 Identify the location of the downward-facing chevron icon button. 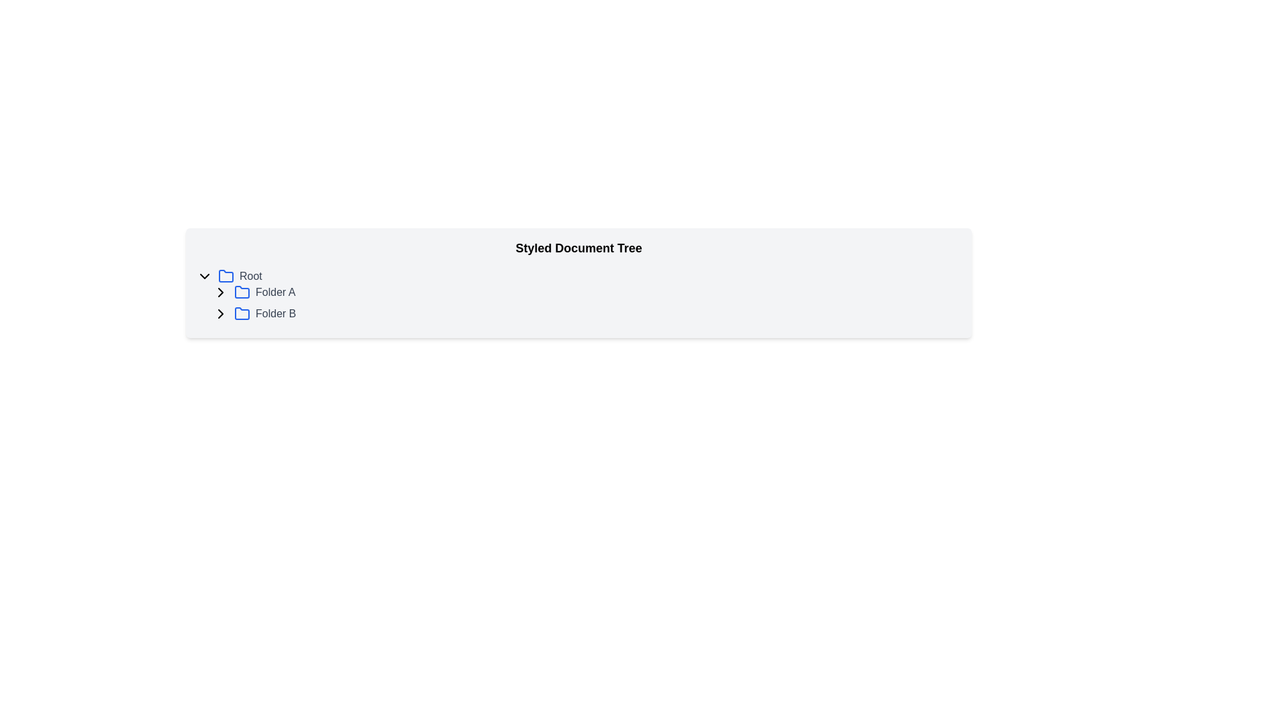
(204, 275).